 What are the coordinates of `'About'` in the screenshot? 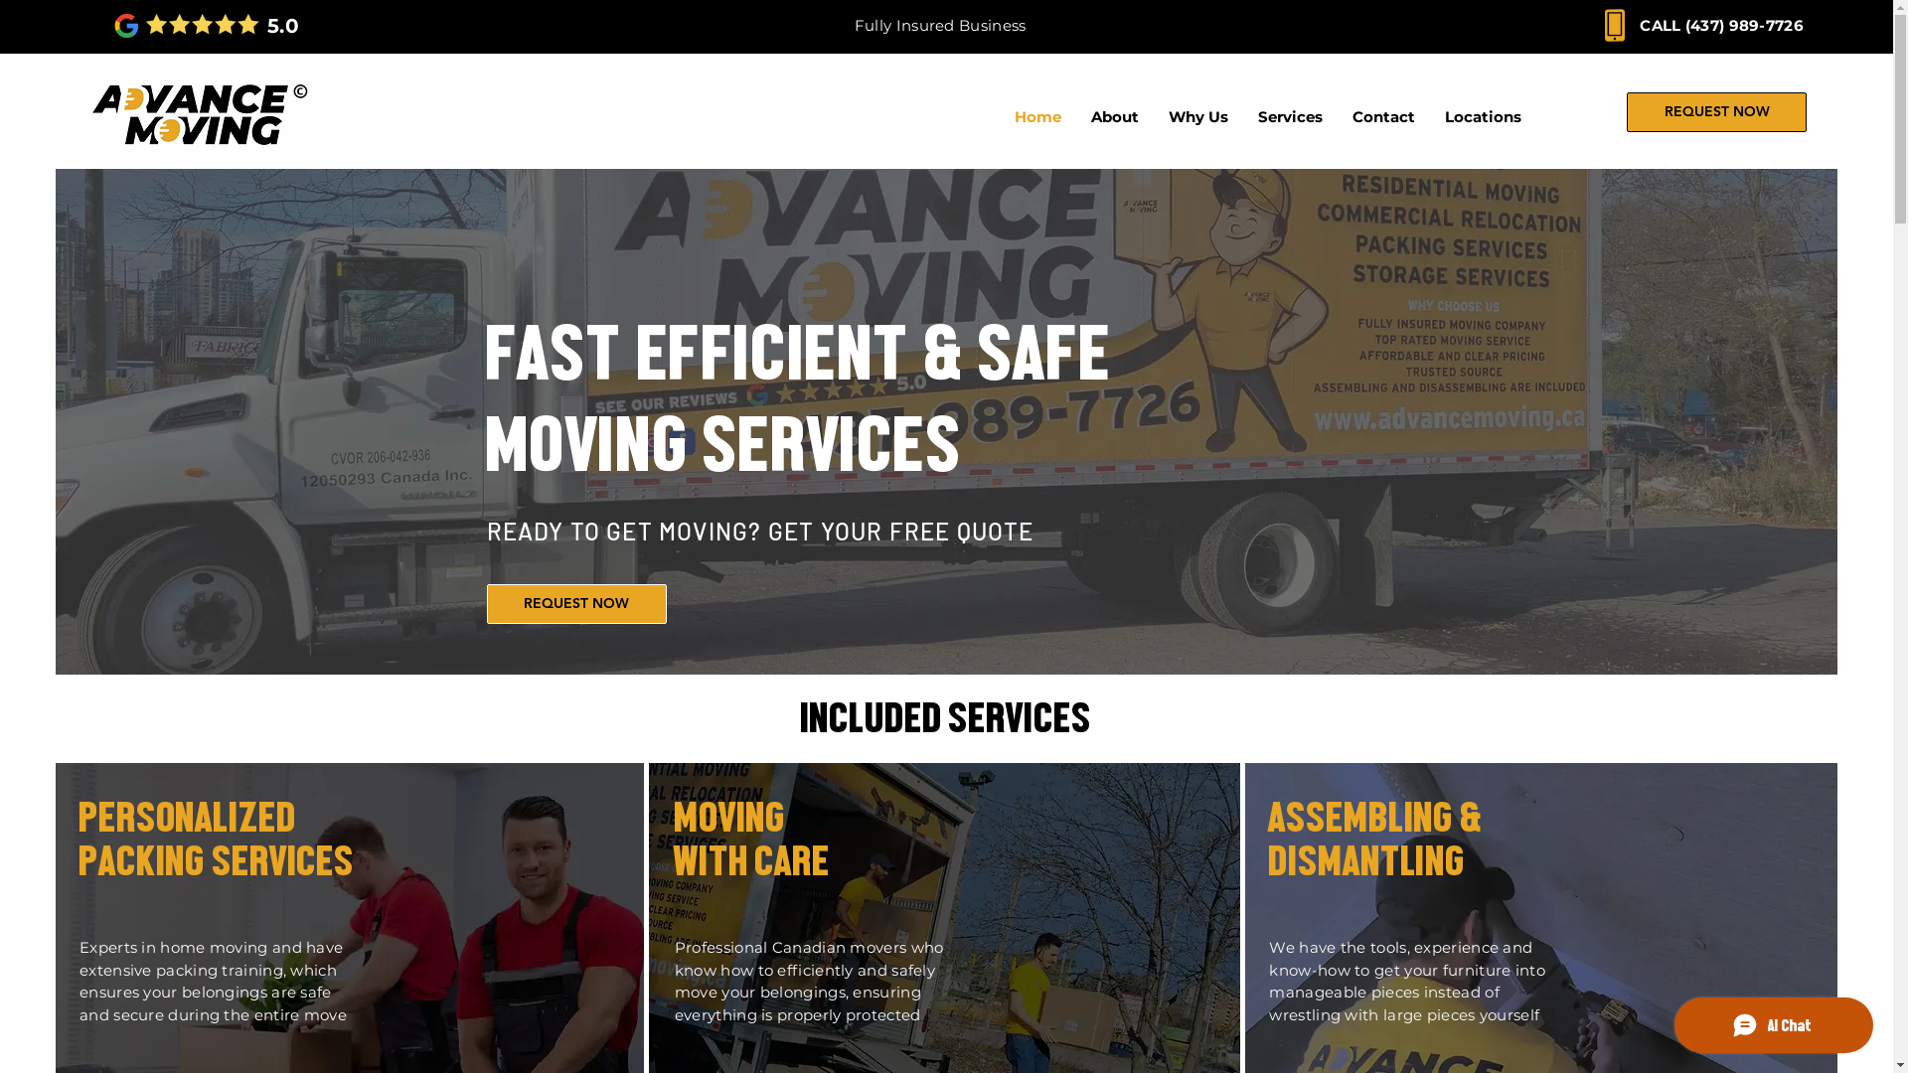 It's located at (1115, 117).